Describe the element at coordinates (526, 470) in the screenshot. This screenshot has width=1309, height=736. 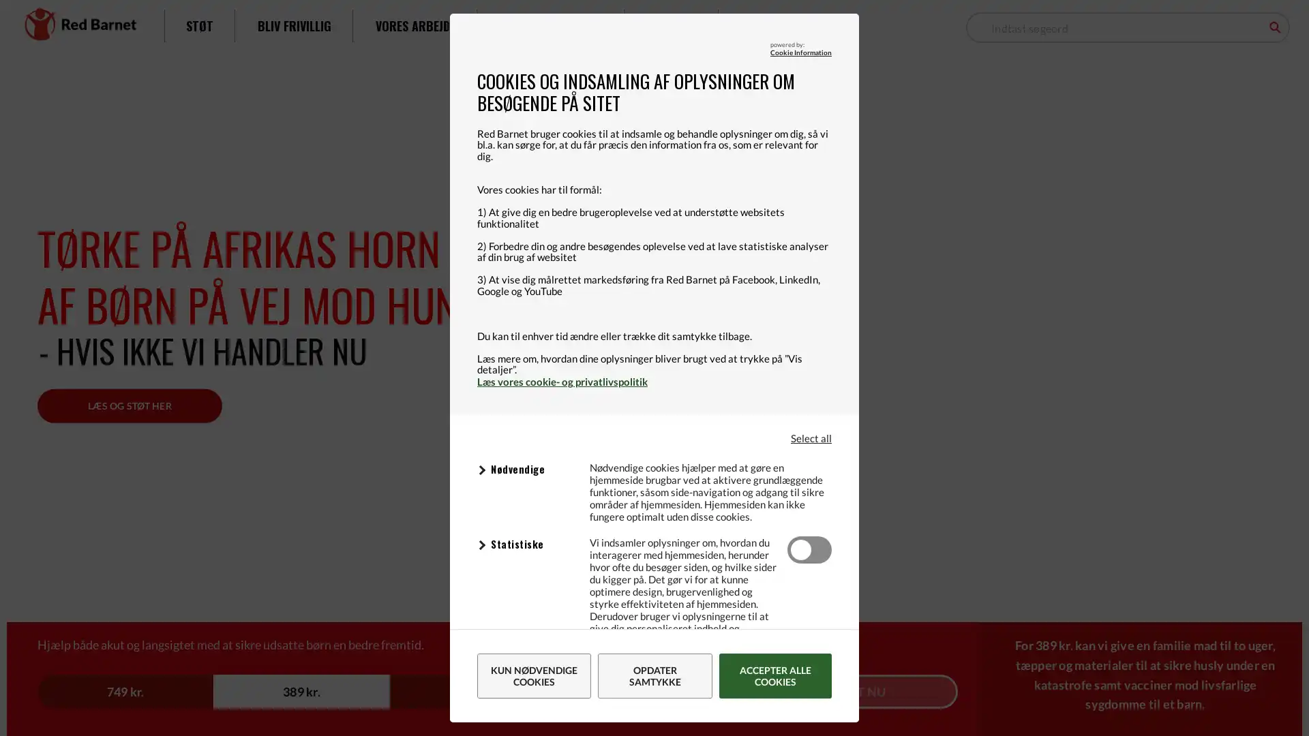
I see `Data Processor: Cloudflare Formal: Understtter websitets tekniske funktioner. Data Processor Privacy Policy: Cloudflare - Data Processor Privacy Policy Udlb: 30 minutter Navn: __cf_bm Udbyder: .vimeo.com Data Processor: Cookie Information Formal: Understtter websitets tekniske funktioner. Data Processor Privacy Policy: Cookie Information - Data Processor Privacy Policy Udlb: et ar Navn: CookieInformationConfig Udbyder: policy.app.cookieinformation.com Data Processor: Cookie Information Formal: Bruges til at dele samtykke pa tvrs af domner. Data Processor Privacy Policy: Cookie Information - Data Processor Privacy Policy Udlb: et ar Navn: CookieInformationConsent_xxx Udbyder: policy.app.cookieinformation.com` at that location.